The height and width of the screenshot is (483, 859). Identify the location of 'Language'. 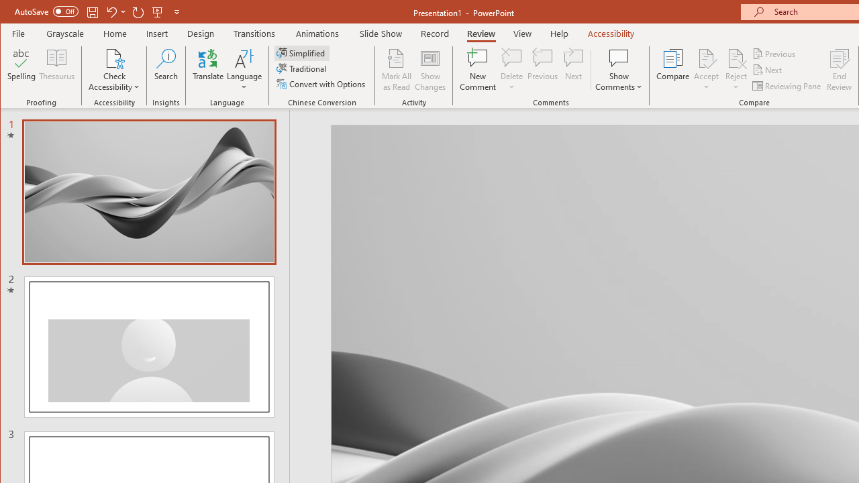
(244, 70).